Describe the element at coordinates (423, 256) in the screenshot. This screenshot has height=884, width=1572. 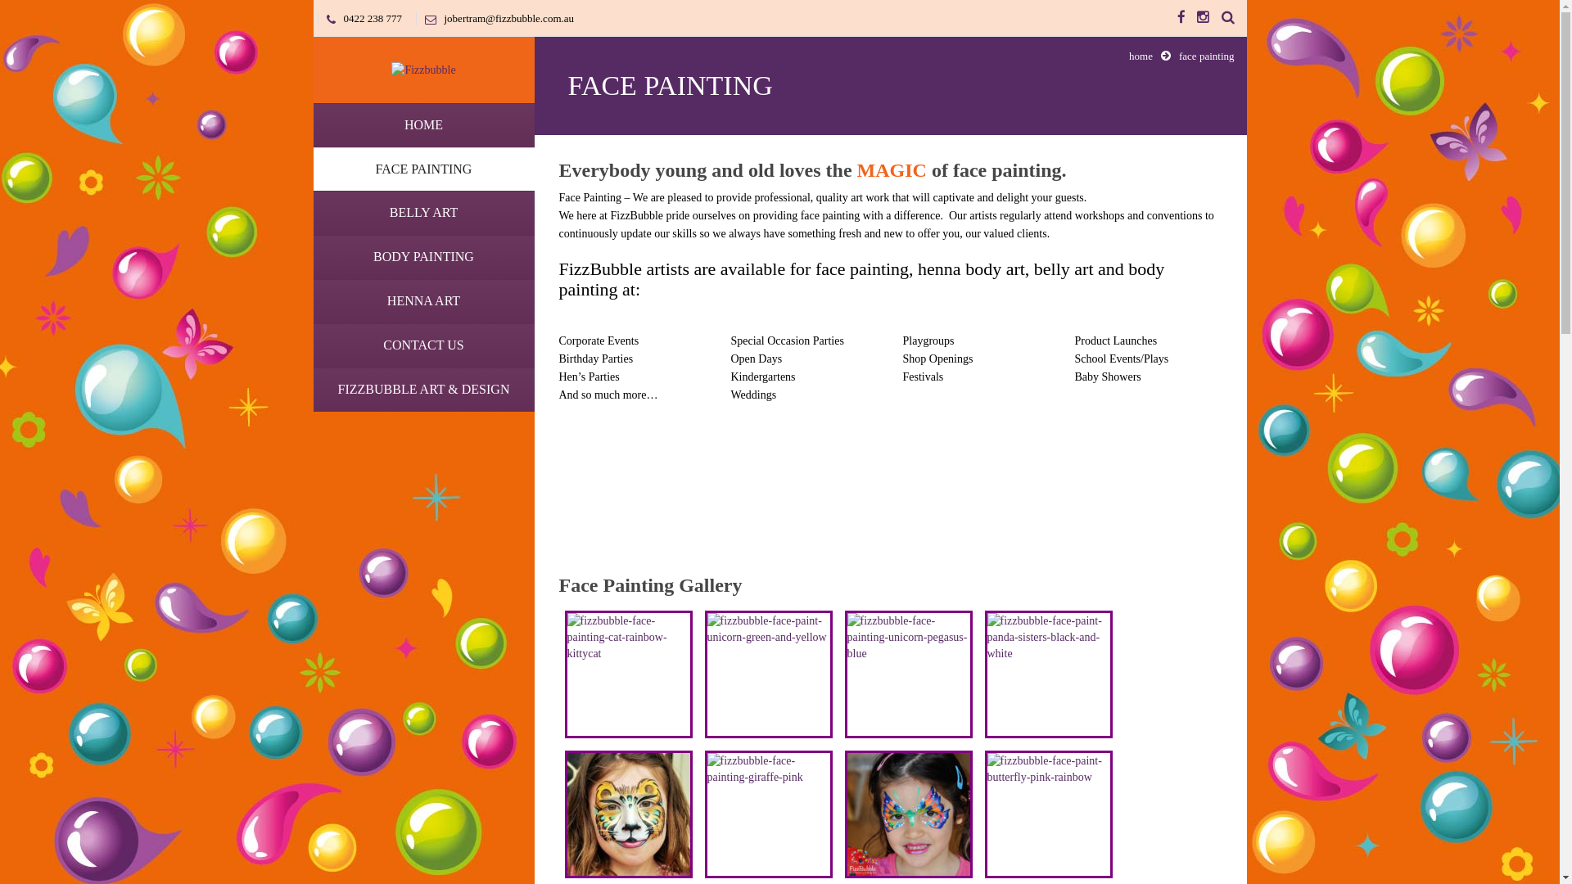
I see `'BODY PAINTING'` at that location.